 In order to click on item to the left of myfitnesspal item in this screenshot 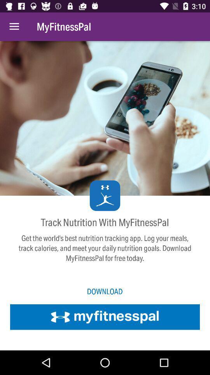, I will do `click(14, 27)`.